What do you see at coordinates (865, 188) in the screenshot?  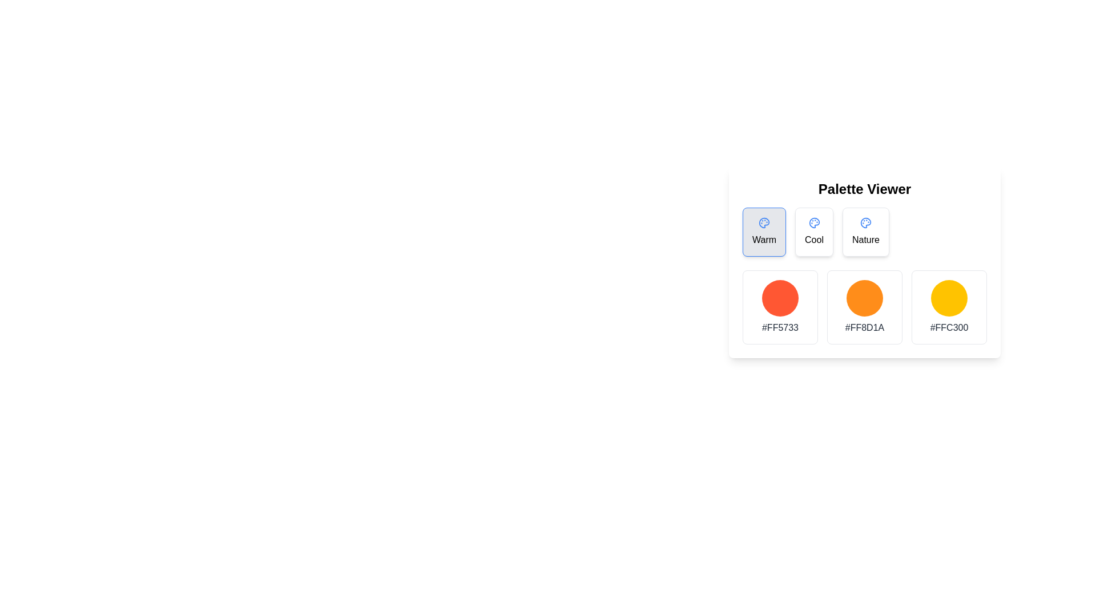 I see `text label heading at the center of the color palette viewer panel, which serves as the title to help users identify the functionality and content of this section` at bounding box center [865, 188].